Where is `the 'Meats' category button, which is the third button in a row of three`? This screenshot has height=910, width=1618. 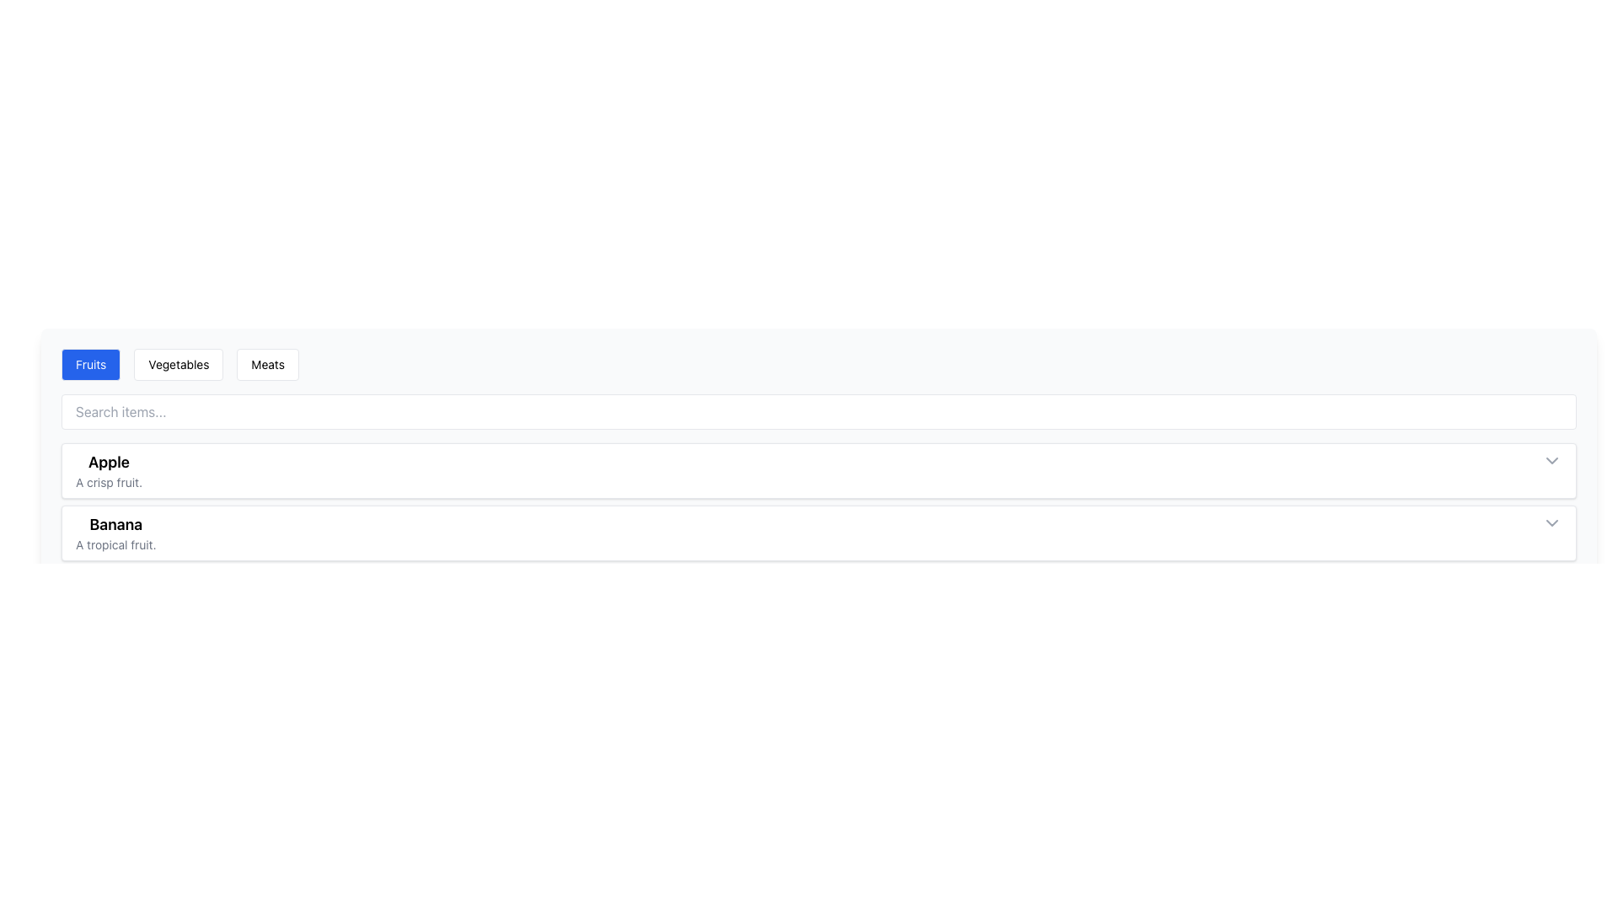
the 'Meats' category button, which is the third button in a row of three is located at coordinates (267, 363).